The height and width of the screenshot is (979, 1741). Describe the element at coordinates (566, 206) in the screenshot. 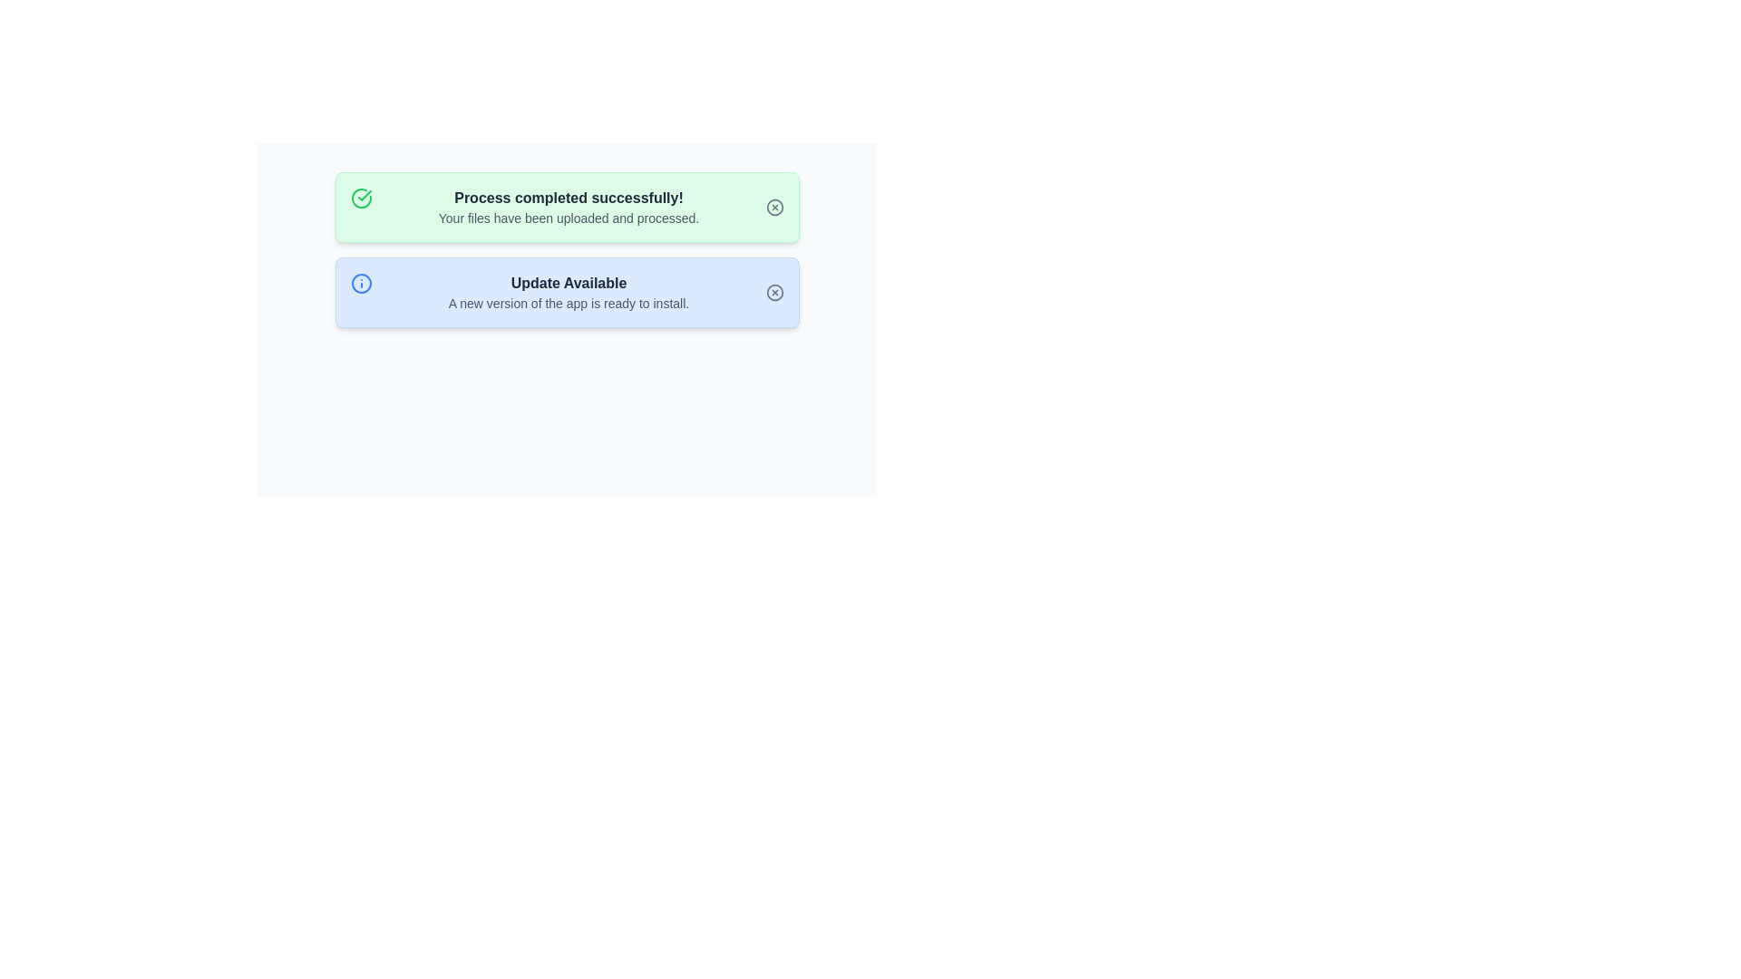

I see `the notification box displaying 'Process completed successfully!' and 'Your files have been uploaded and processed.'` at that location.